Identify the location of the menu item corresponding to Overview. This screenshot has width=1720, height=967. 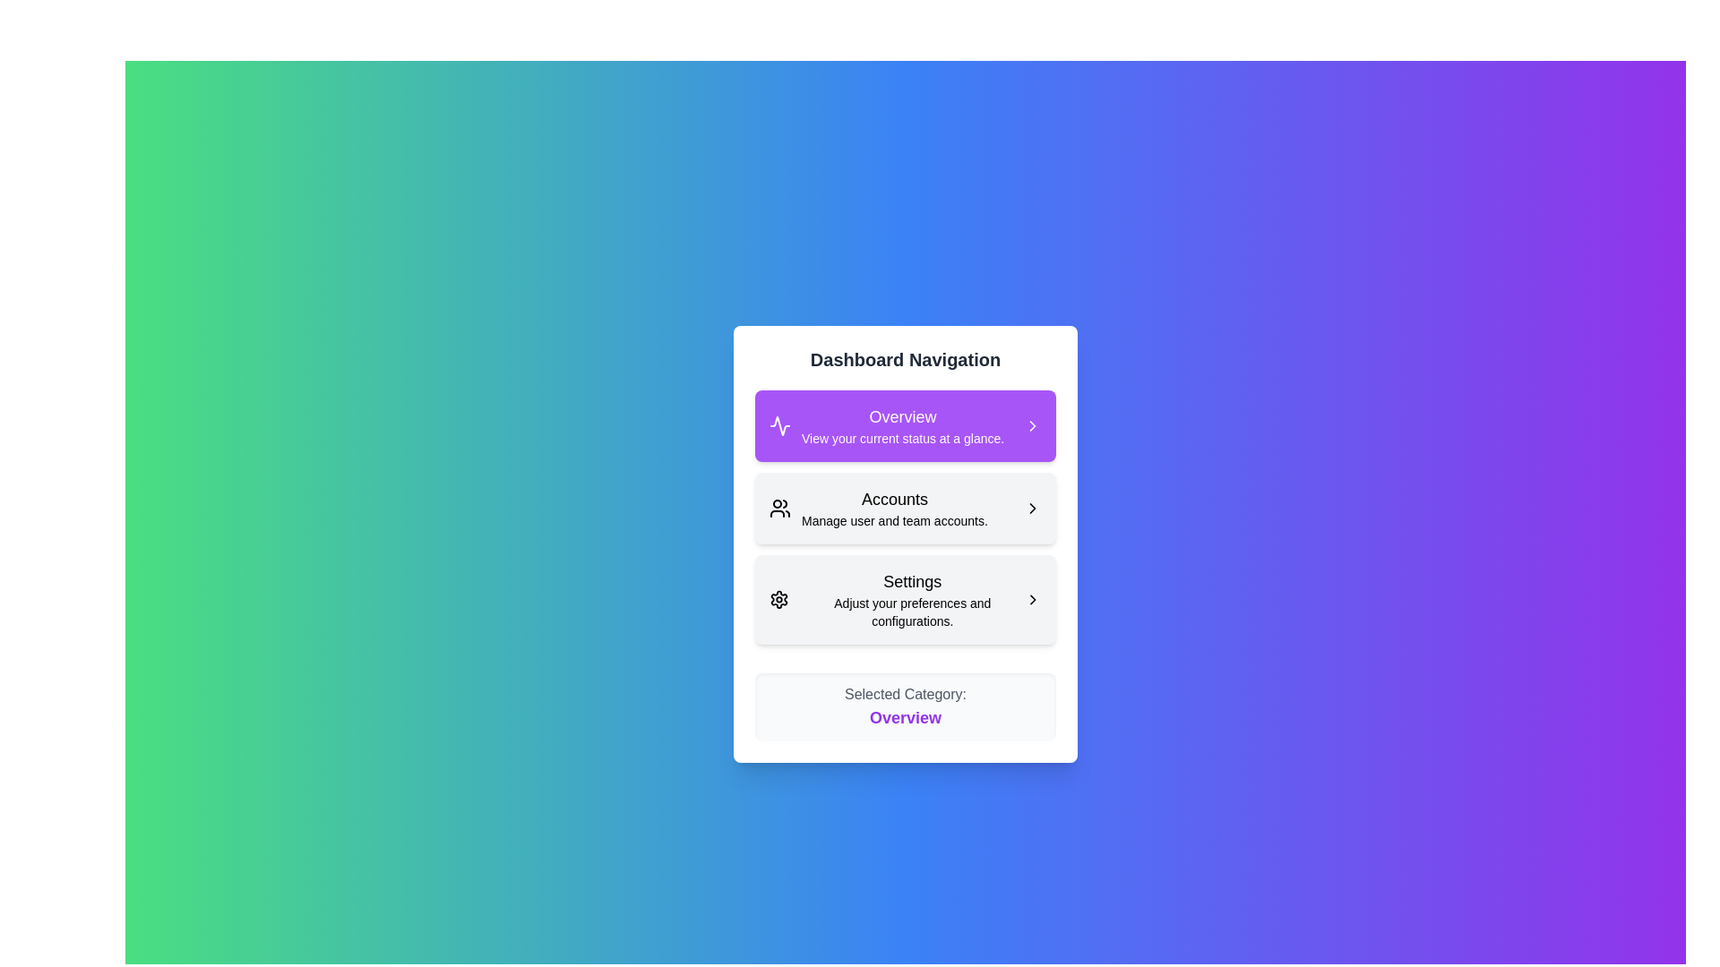
(906, 425).